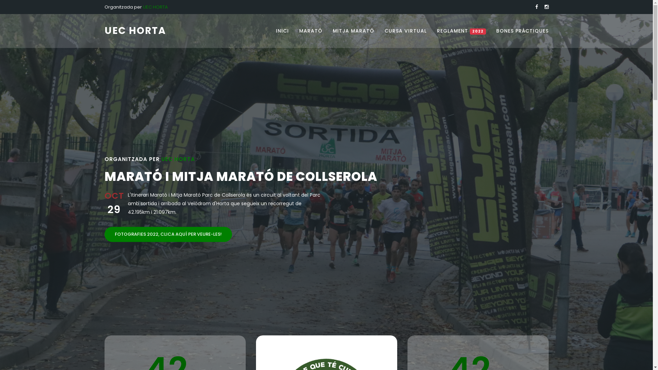  What do you see at coordinates (135, 30) in the screenshot?
I see `'UEC HORTA'` at bounding box center [135, 30].